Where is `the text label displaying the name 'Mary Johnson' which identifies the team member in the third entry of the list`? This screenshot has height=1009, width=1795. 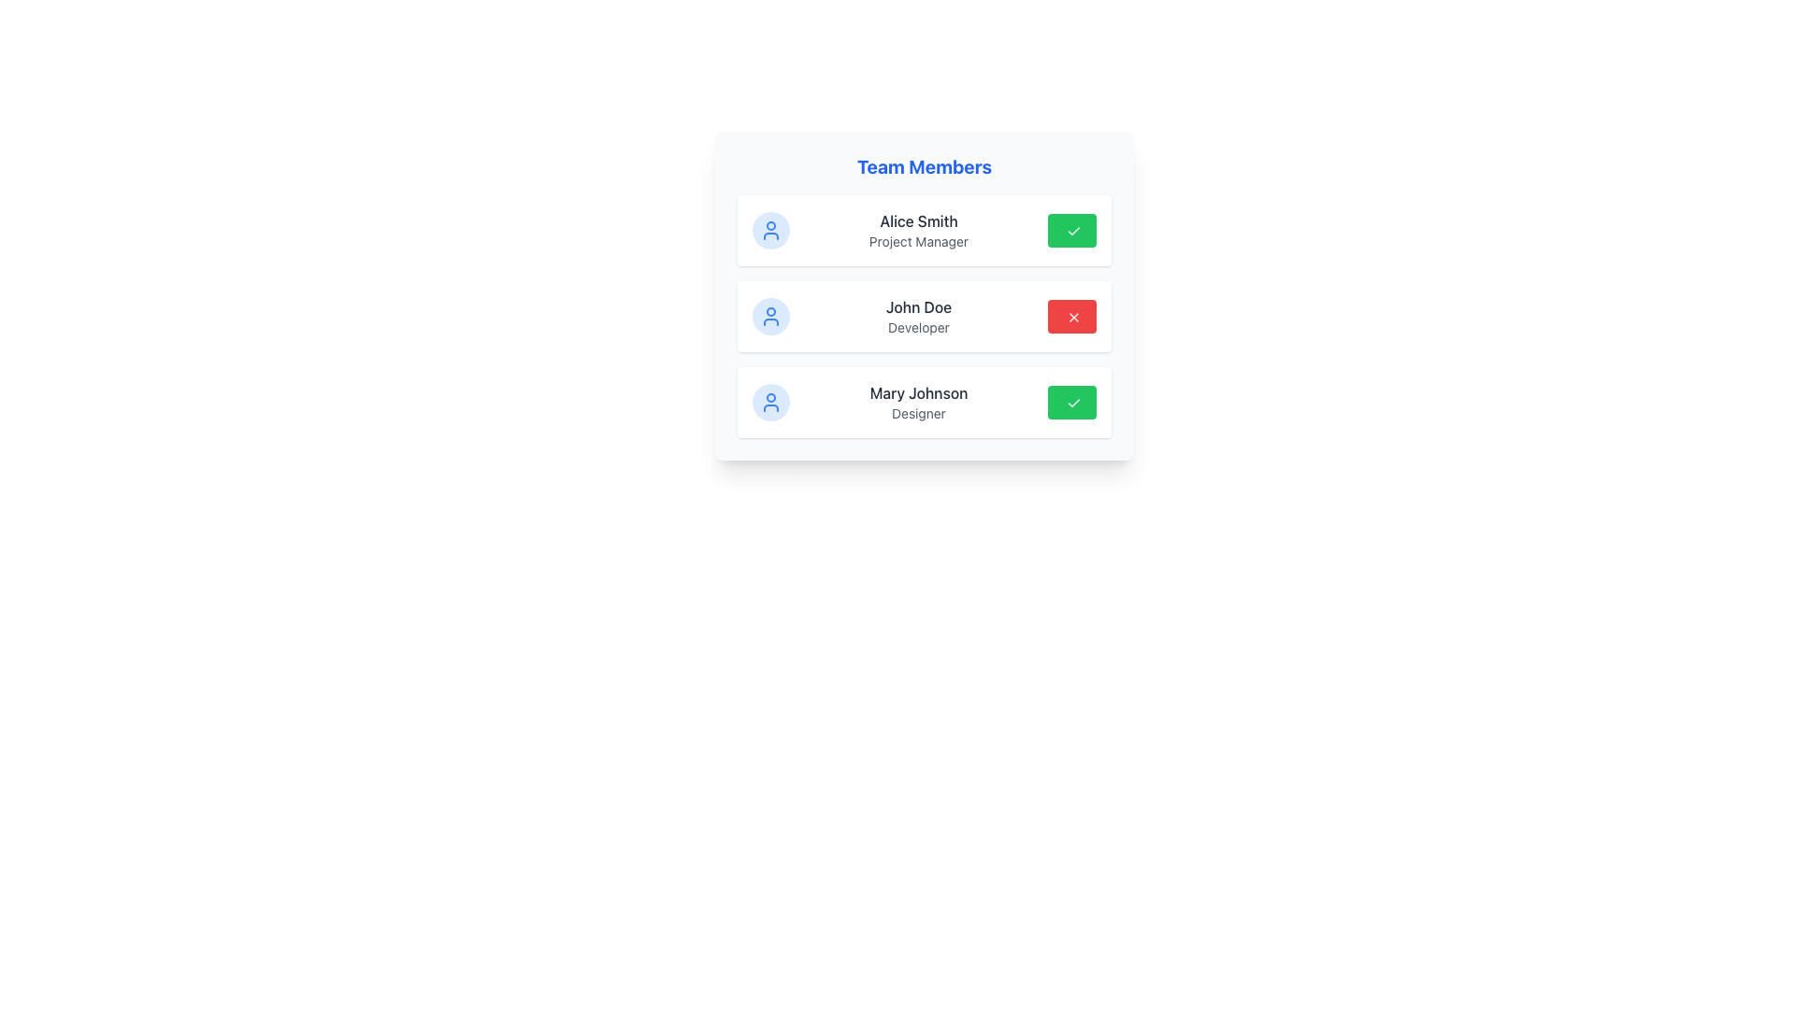 the text label displaying the name 'Mary Johnson' which identifies the team member in the third entry of the list is located at coordinates (919, 391).